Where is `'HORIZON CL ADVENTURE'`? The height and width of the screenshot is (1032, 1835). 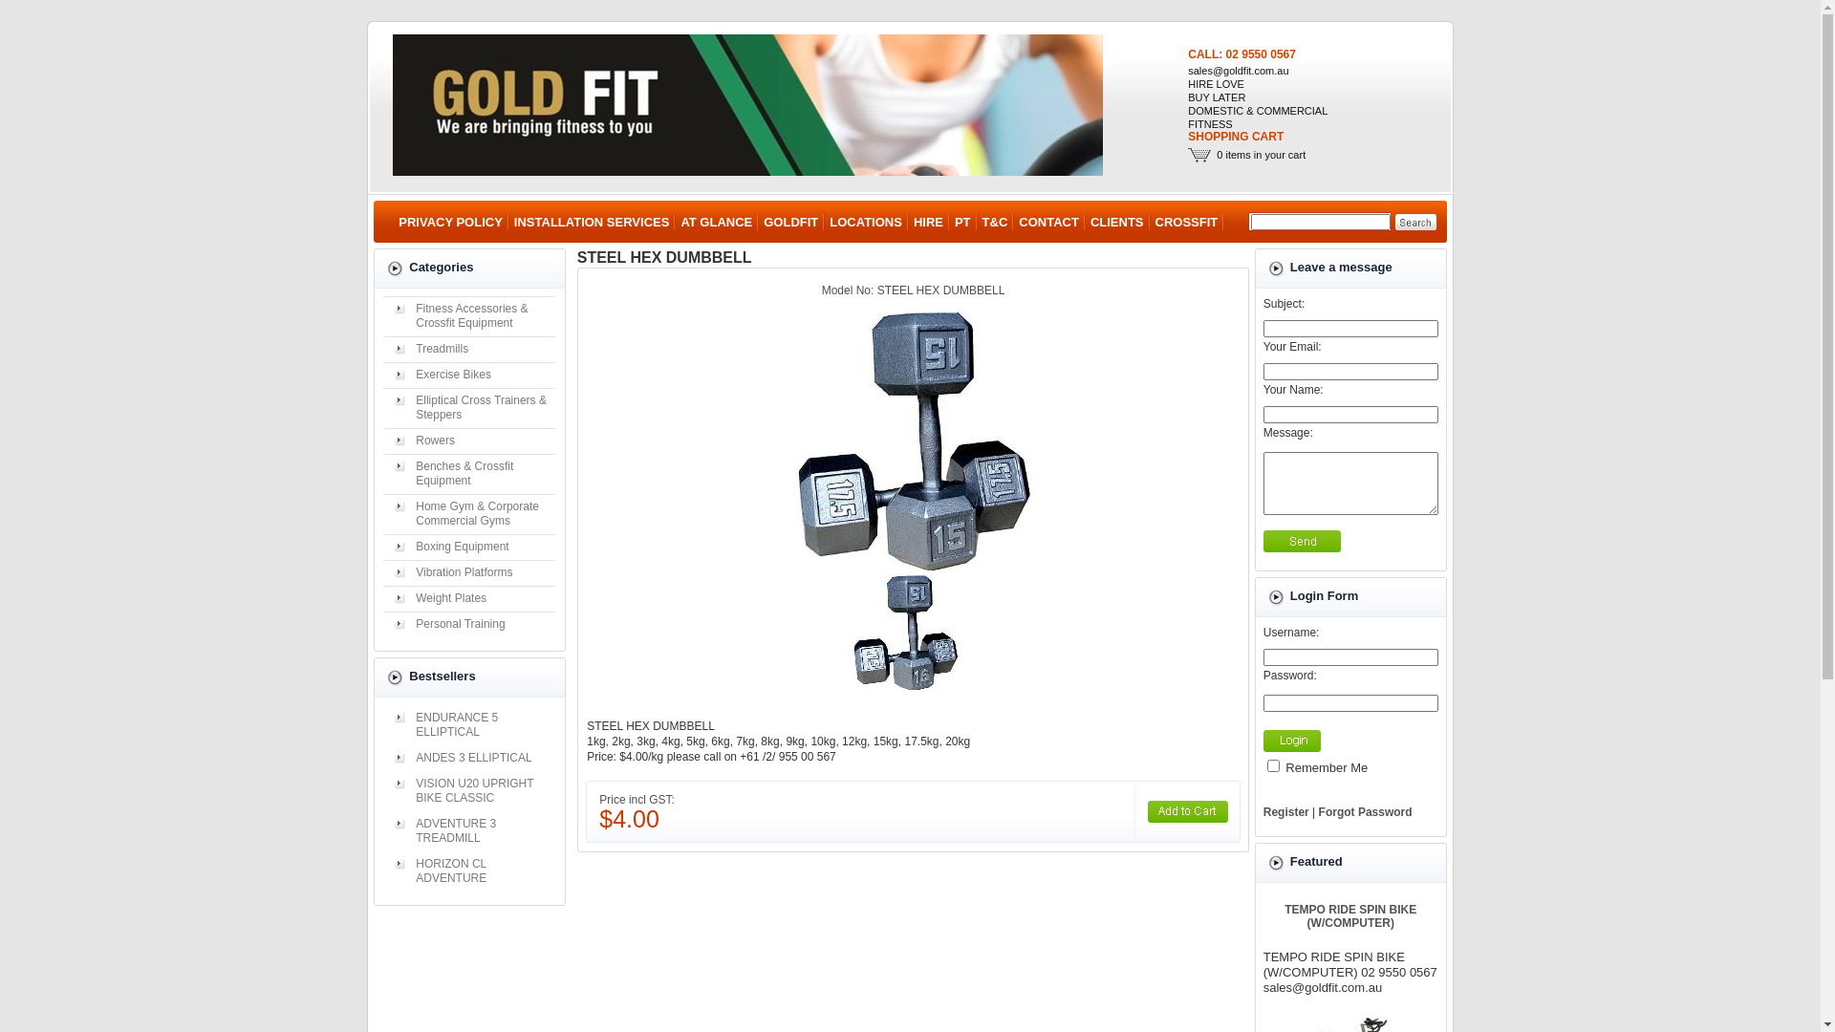 'HORIZON CL ADVENTURE' is located at coordinates (469, 871).